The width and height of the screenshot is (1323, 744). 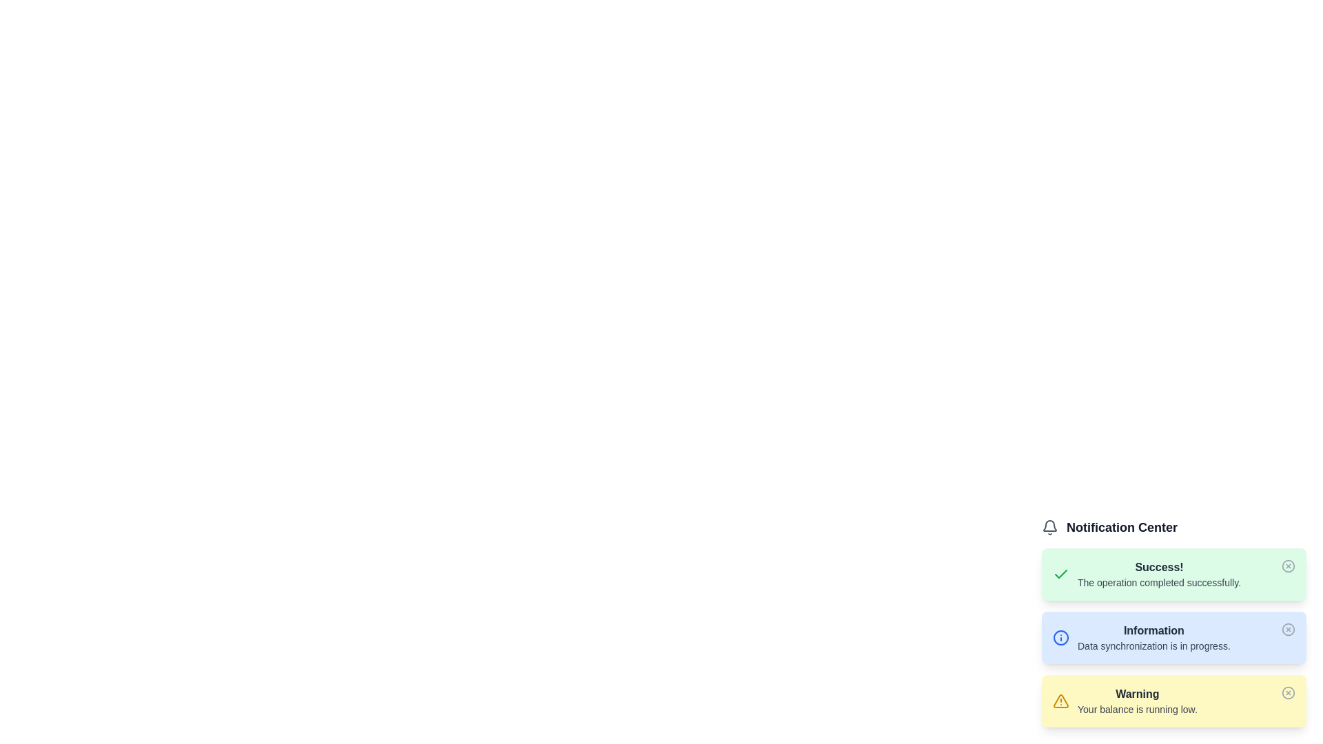 What do you see at coordinates (1060, 637) in the screenshot?
I see `the inner circular blue outlined icon within the 'Information' notification symbol located at the center of the notification list` at bounding box center [1060, 637].